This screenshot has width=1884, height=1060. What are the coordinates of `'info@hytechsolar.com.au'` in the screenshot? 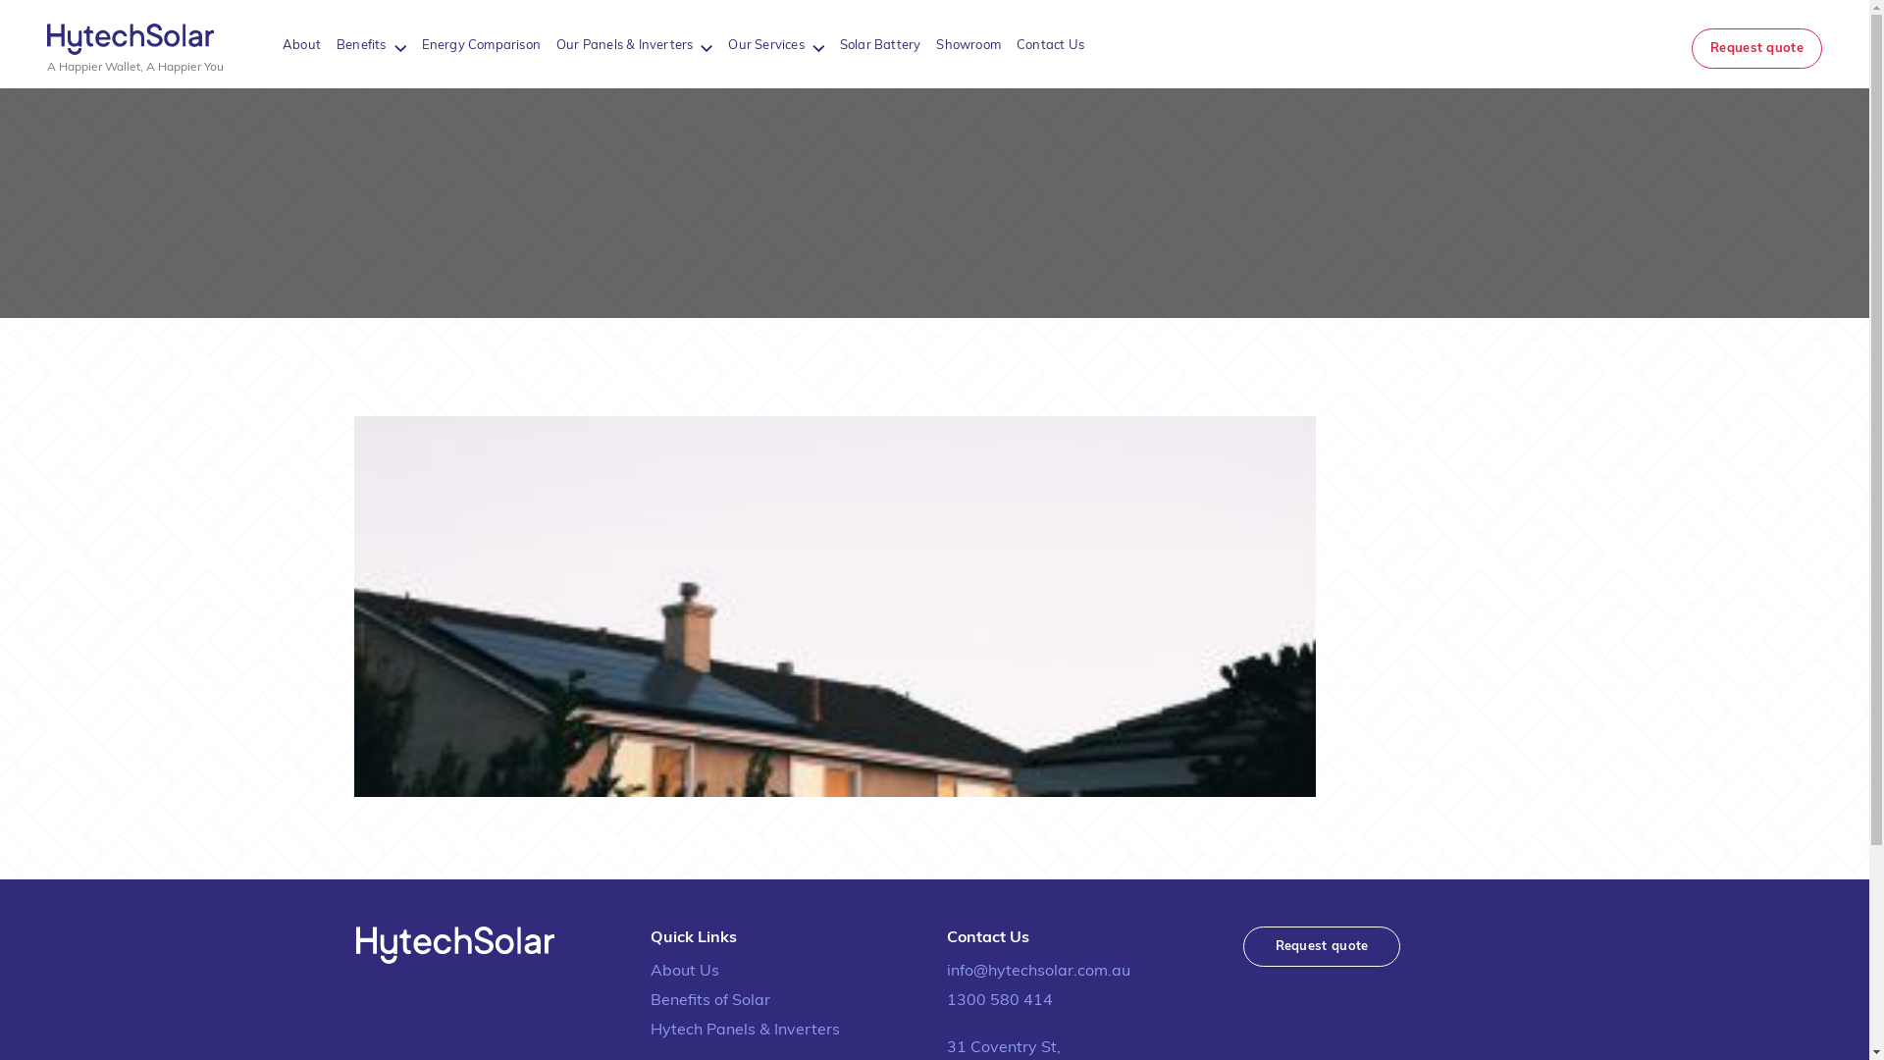 It's located at (1081, 972).